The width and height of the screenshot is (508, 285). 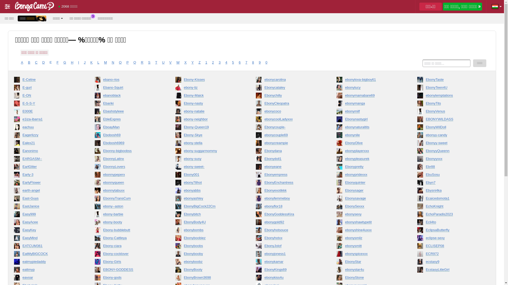 I want to click on 'Ebonydana', so click(x=256, y=152).